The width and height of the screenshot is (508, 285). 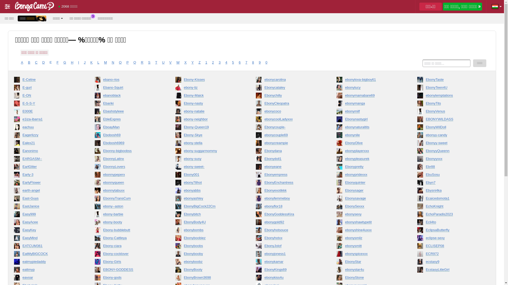 I want to click on 'Ebonydana', so click(x=256, y=152).